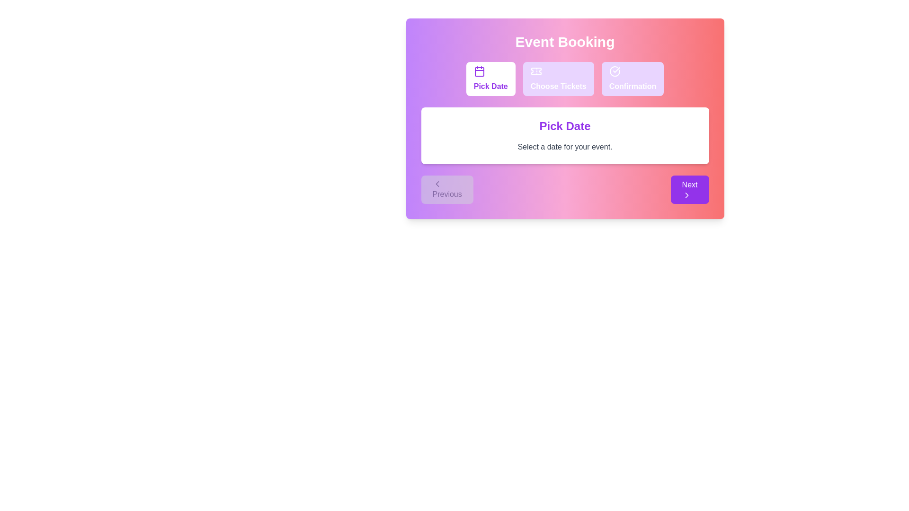 The width and height of the screenshot is (909, 511). I want to click on the purple rectangular 'Next' button with rounded corners located at the bottom-right corner of the card-like panel to proceed to the next step, so click(690, 190).